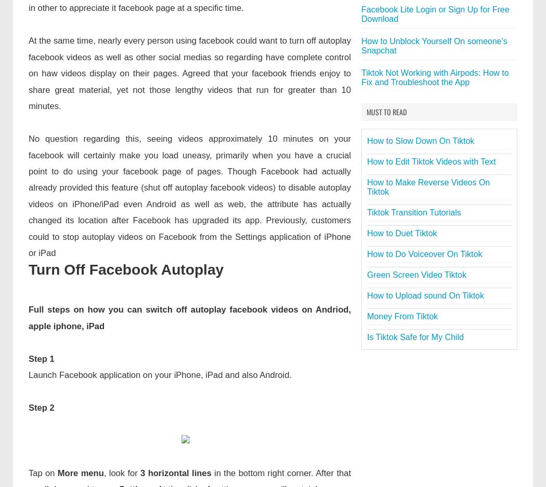 This screenshot has height=487, width=546. I want to click on 'Green Screen Video Tiktok', so click(416, 274).